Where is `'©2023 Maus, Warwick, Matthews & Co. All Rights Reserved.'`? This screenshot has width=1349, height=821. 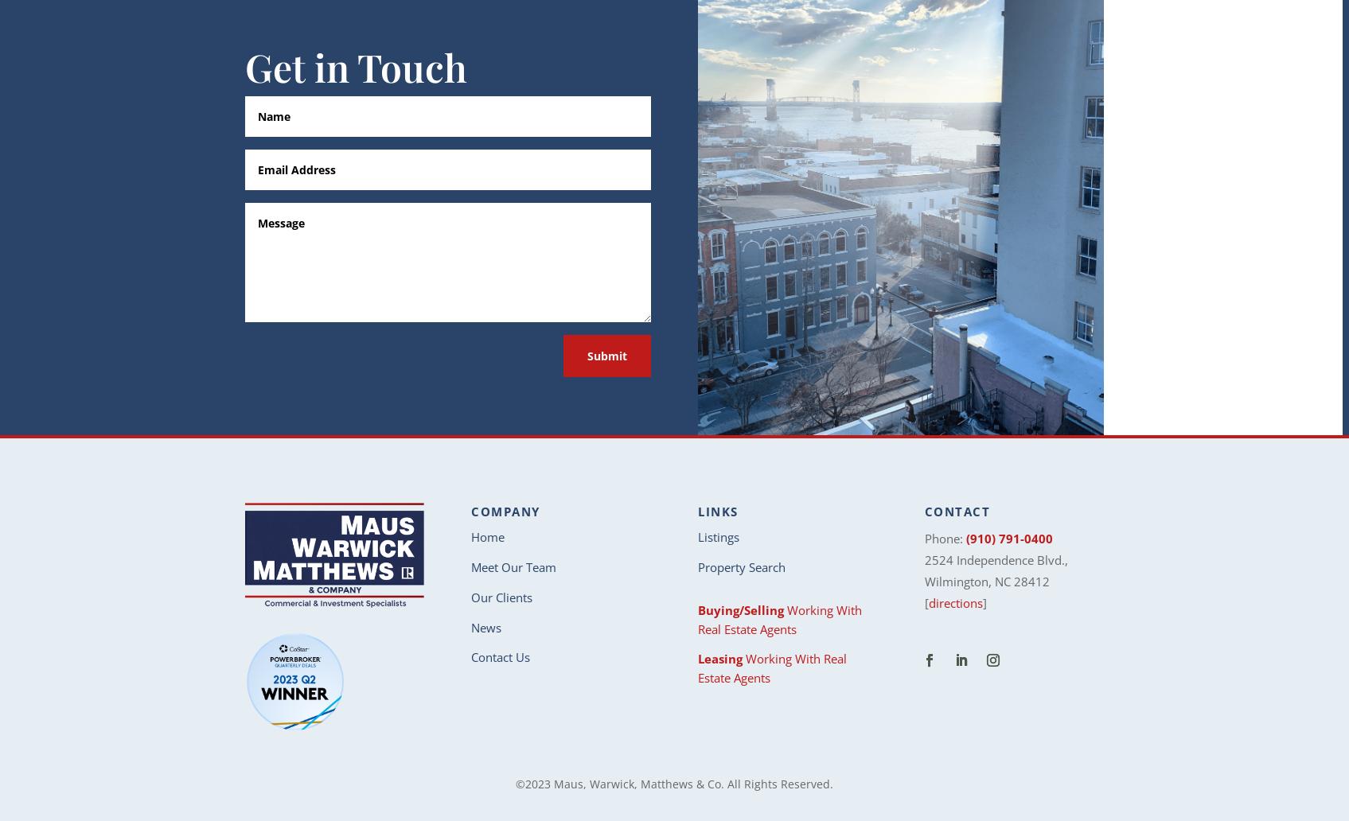
'©2023 Maus, Warwick, Matthews & Co. All Rights Reserved.' is located at coordinates (674, 783).